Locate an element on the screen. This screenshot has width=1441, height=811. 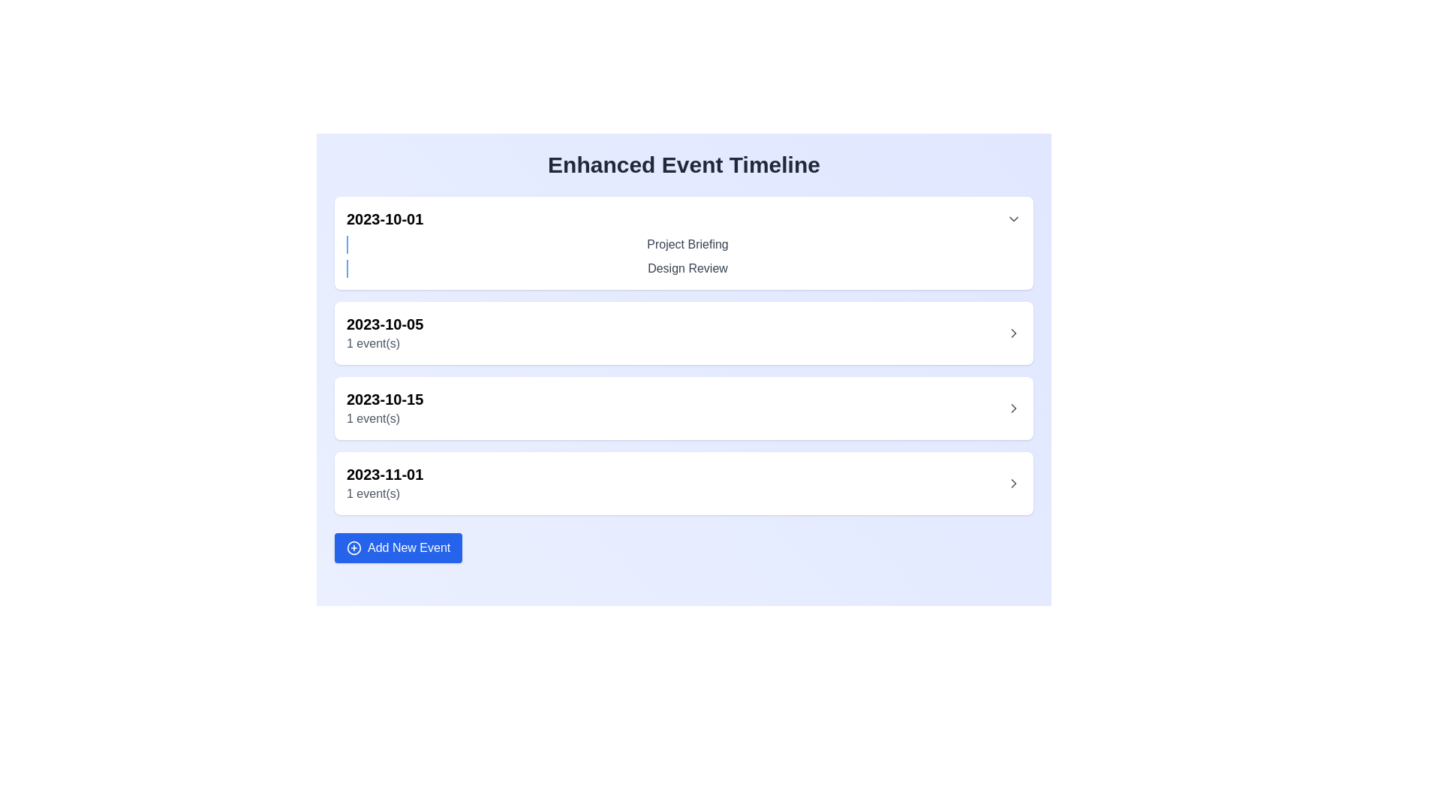
the arrow icon representing navigation for the timeline entry dated '2023-10-05', located in the second chronological slot of the timeline is located at coordinates (1013, 332).